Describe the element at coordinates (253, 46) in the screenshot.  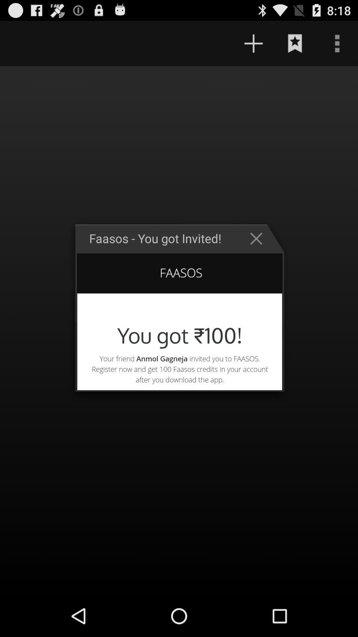
I see `the add icon` at that location.